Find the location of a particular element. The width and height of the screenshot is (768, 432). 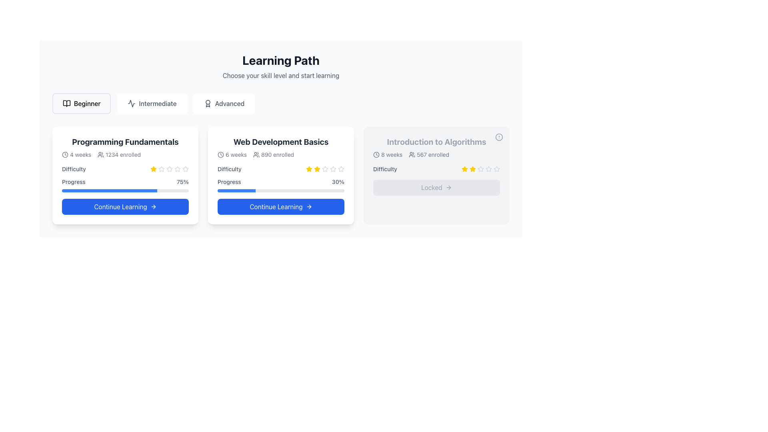

the text label that indicates the course duration for 'Web Development Basics' located at the top-left of the second card after the clock icon is located at coordinates (236, 154).